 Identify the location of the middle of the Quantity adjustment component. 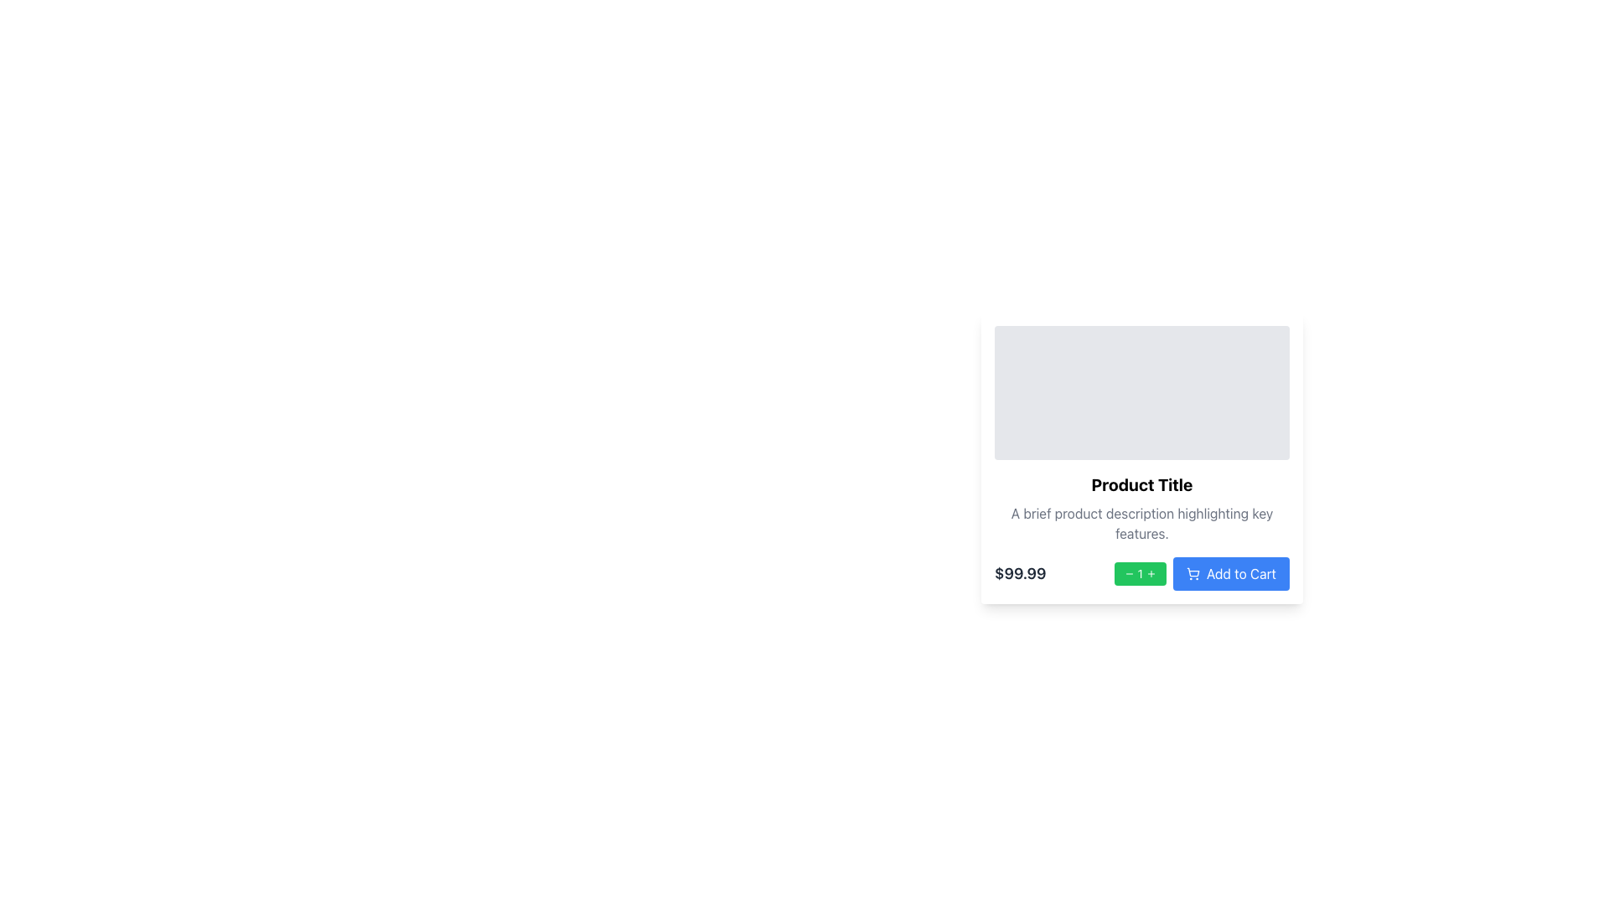
(1141, 573).